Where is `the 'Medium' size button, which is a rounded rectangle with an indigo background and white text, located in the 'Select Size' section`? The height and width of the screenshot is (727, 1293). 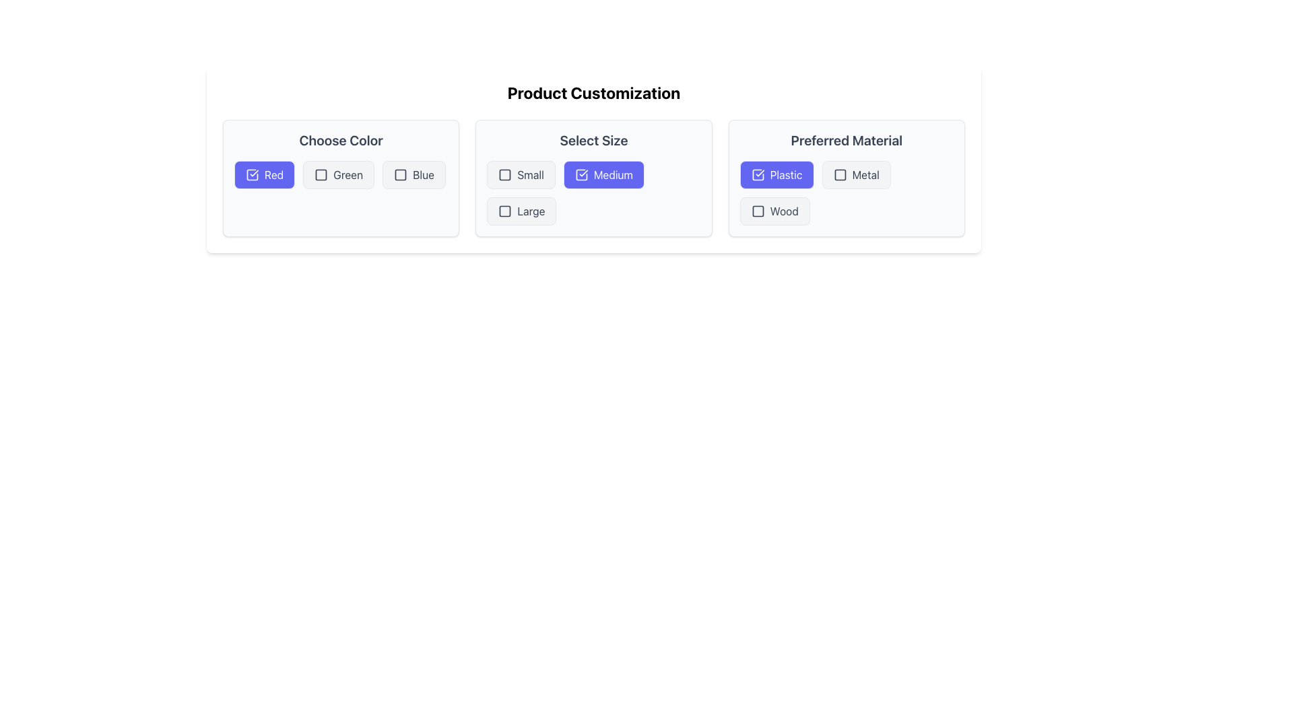 the 'Medium' size button, which is a rounded rectangle with an indigo background and white text, located in the 'Select Size' section is located at coordinates (603, 174).